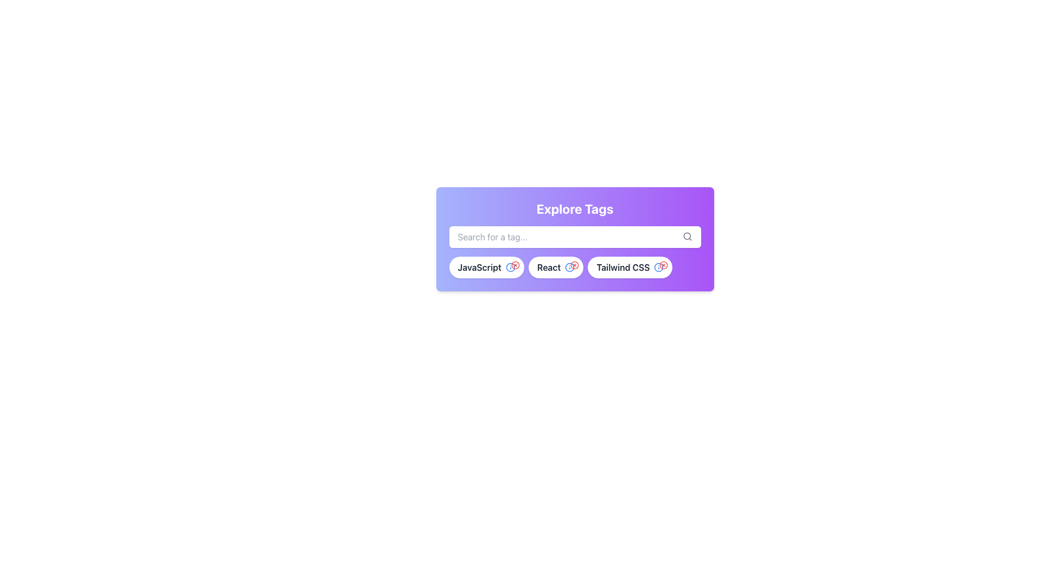 Image resolution: width=1042 pixels, height=586 pixels. I want to click on the small circular shape within the cancel icon associated with the 'Tailwind CSS' tag located on the right side of the tag, so click(663, 265).